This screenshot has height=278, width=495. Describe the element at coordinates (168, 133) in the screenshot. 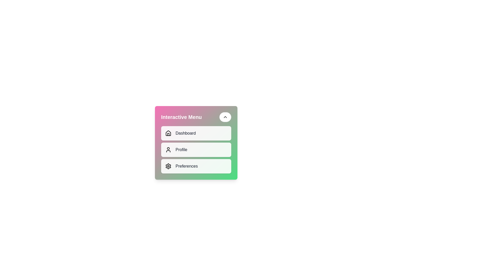

I see `the 'Dashboard' icon in the menu` at that location.